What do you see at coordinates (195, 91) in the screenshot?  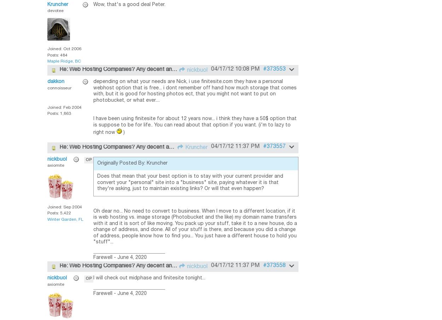 I see `'depending on what your needs are Nick, i use finitesite.com they have a personal webhost option that is free... i dont remember off hand how much storage that comes with, but it is good for hosting photos ect, that you might not want to put on photobucket, or what ever....'` at bounding box center [195, 91].